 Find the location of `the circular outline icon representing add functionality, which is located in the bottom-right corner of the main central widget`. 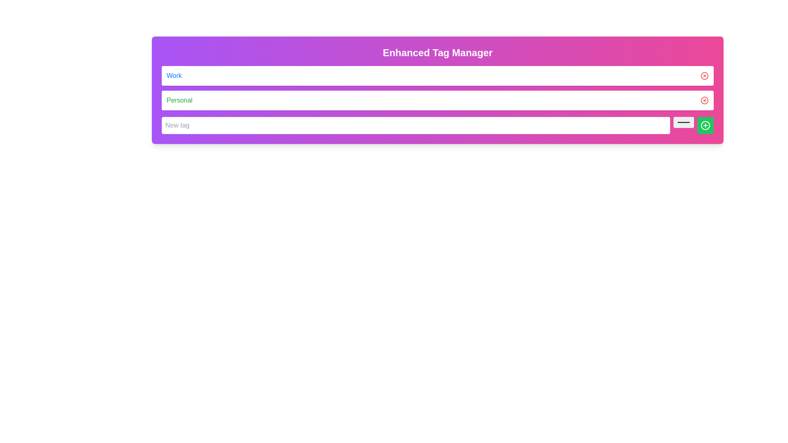

the circular outline icon representing add functionality, which is located in the bottom-right corner of the main central widget is located at coordinates (705, 125).